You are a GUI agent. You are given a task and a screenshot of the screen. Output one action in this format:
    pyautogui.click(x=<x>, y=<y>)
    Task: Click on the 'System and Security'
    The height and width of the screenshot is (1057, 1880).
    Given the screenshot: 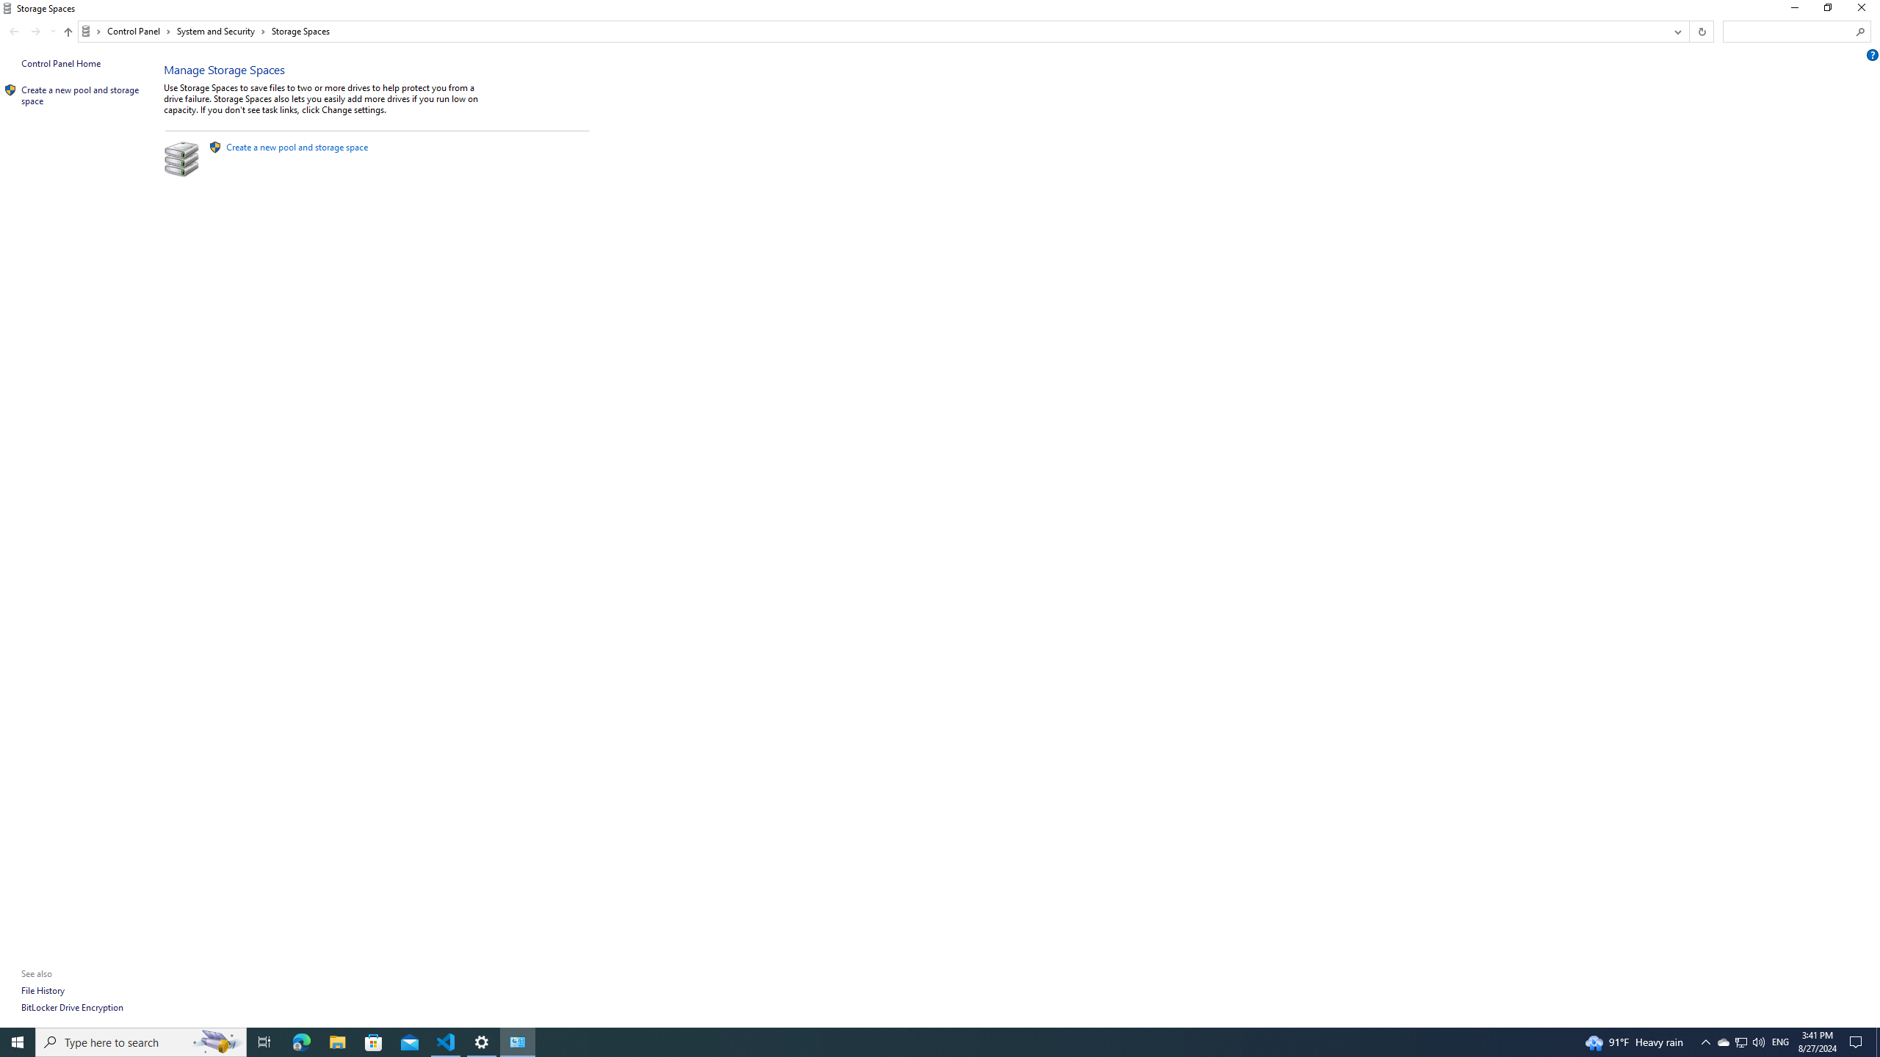 What is the action you would take?
    pyautogui.click(x=221, y=31)
    